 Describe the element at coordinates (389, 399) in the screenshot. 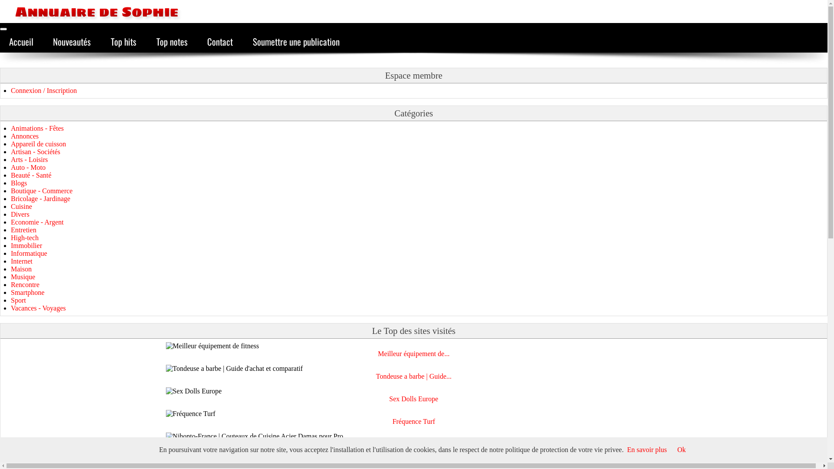

I see `'Sex Dolls Europe'` at that location.